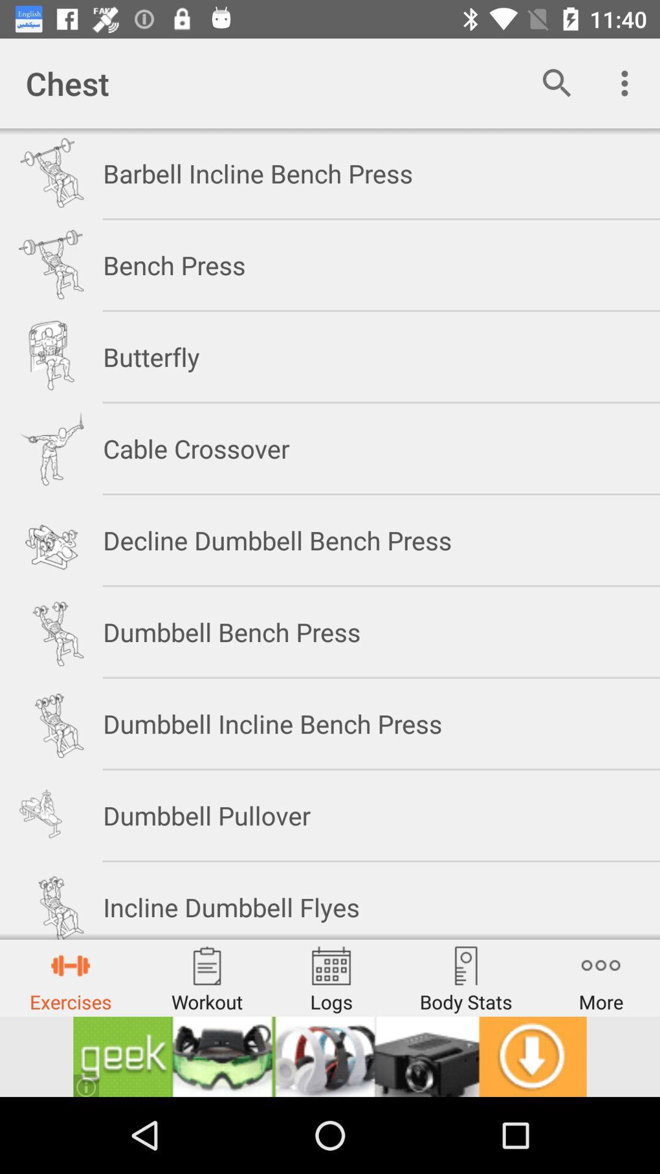 This screenshot has height=1174, width=660. What do you see at coordinates (330, 1056) in the screenshot?
I see `out line` at bounding box center [330, 1056].